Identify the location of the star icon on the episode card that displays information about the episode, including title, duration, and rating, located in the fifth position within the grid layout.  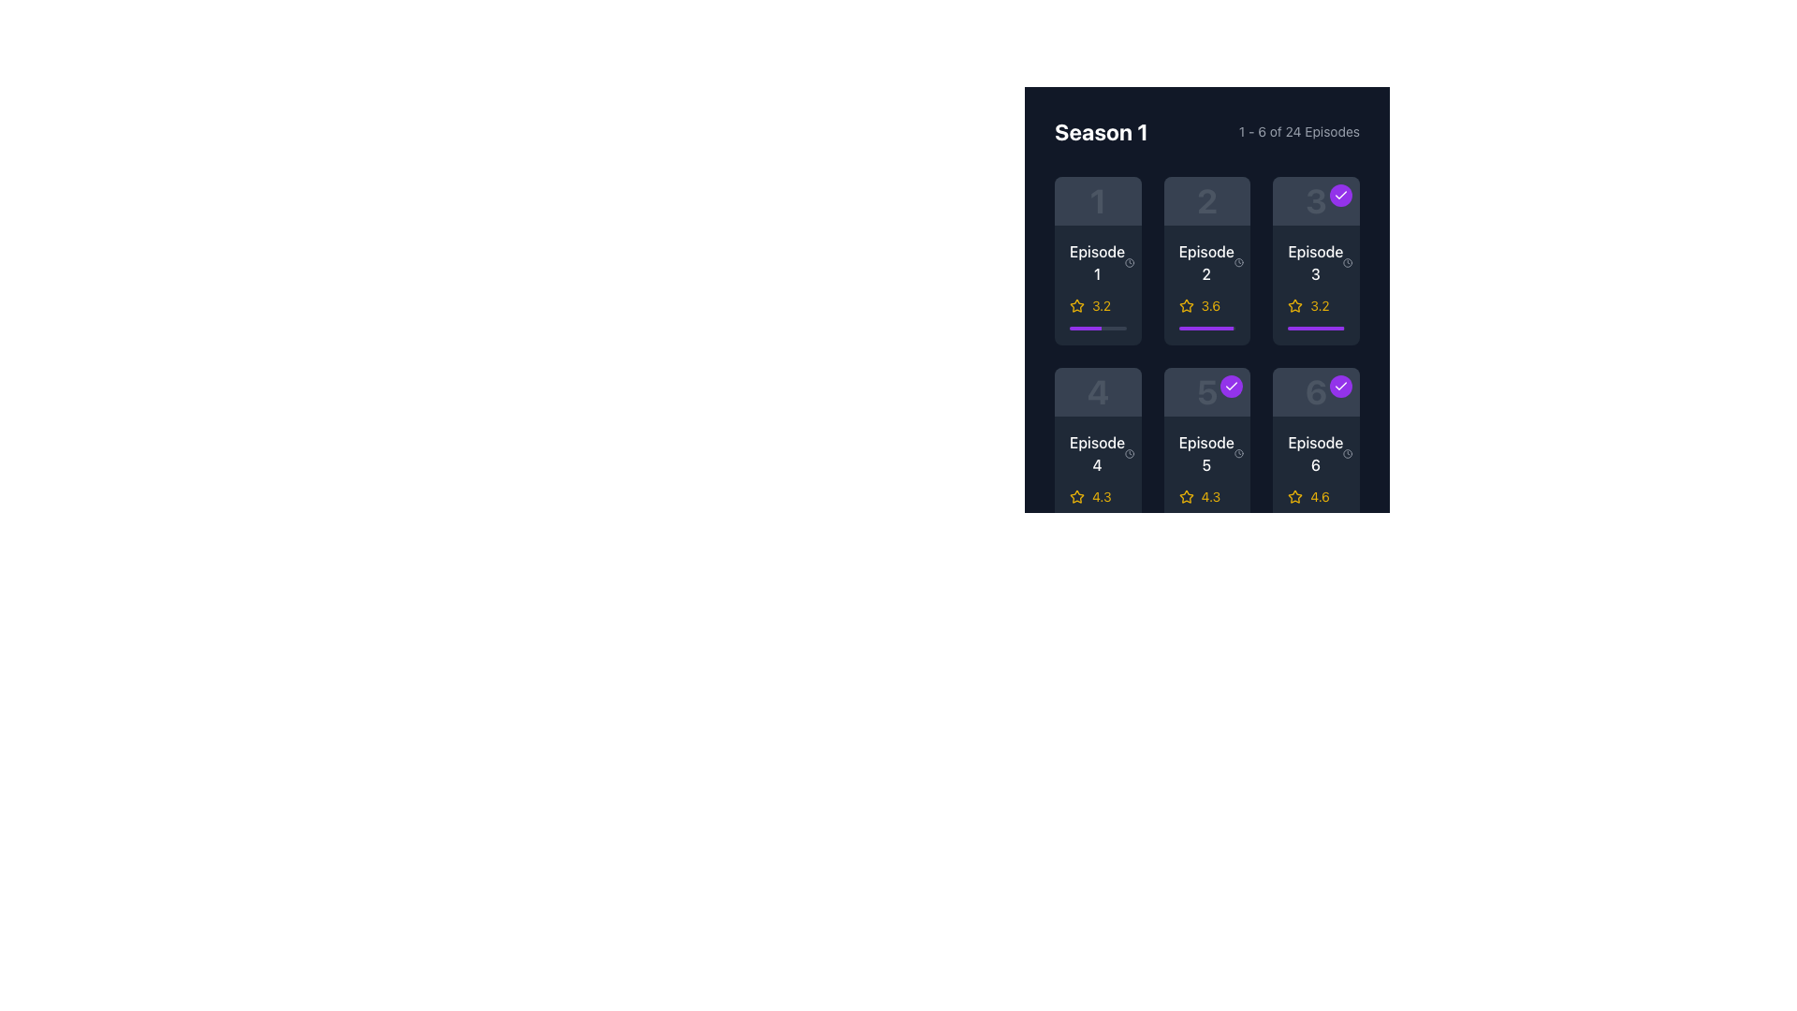
(1207, 476).